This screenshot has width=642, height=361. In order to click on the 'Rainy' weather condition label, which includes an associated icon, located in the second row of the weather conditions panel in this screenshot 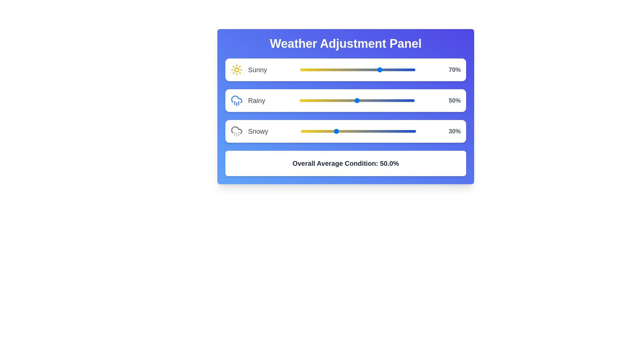, I will do `click(247, 100)`.